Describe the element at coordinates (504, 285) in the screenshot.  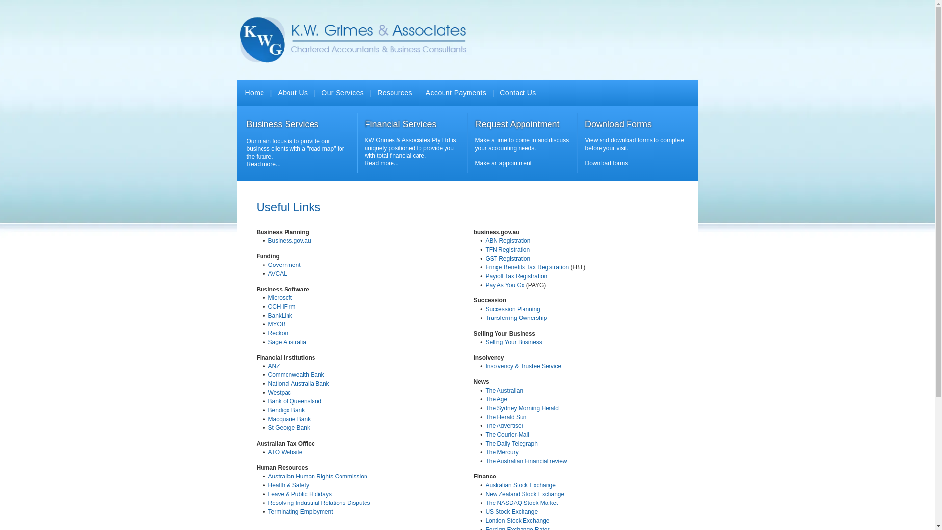
I see `'Pay As You Go'` at that location.